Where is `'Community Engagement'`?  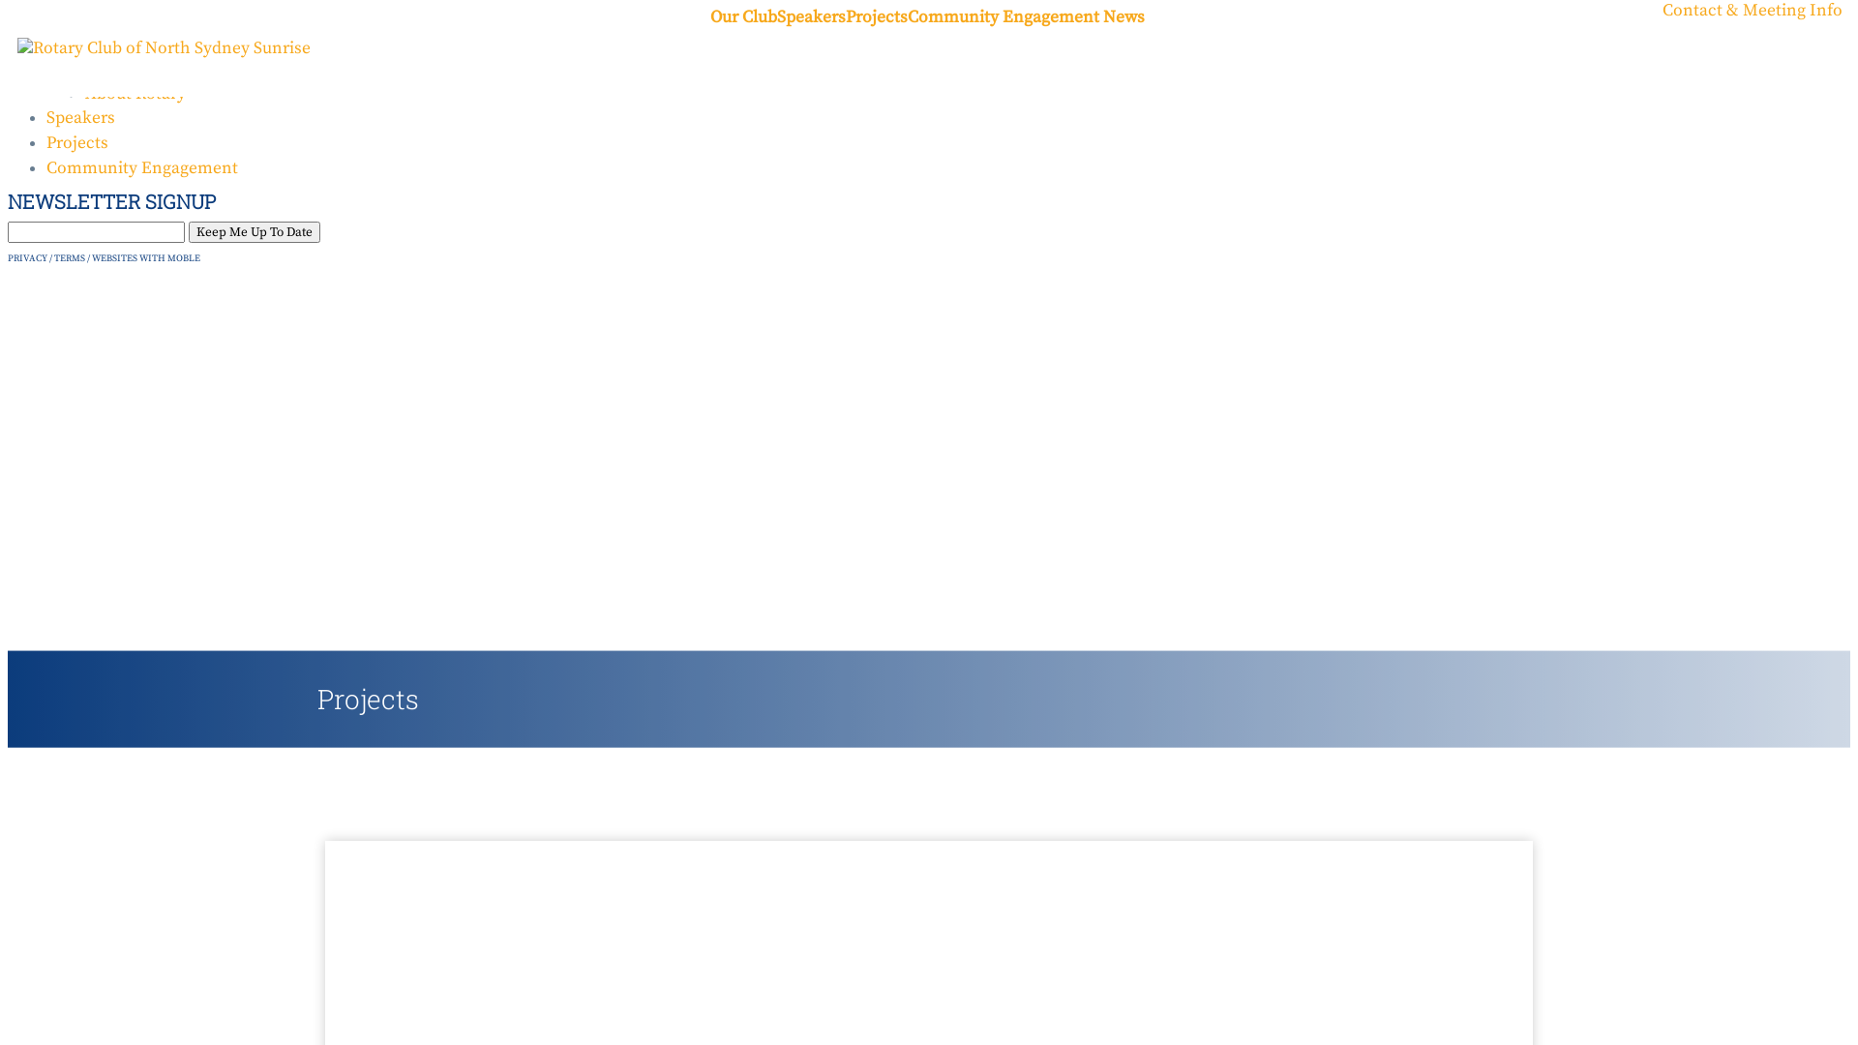 'Community Engagement' is located at coordinates (906, 18).